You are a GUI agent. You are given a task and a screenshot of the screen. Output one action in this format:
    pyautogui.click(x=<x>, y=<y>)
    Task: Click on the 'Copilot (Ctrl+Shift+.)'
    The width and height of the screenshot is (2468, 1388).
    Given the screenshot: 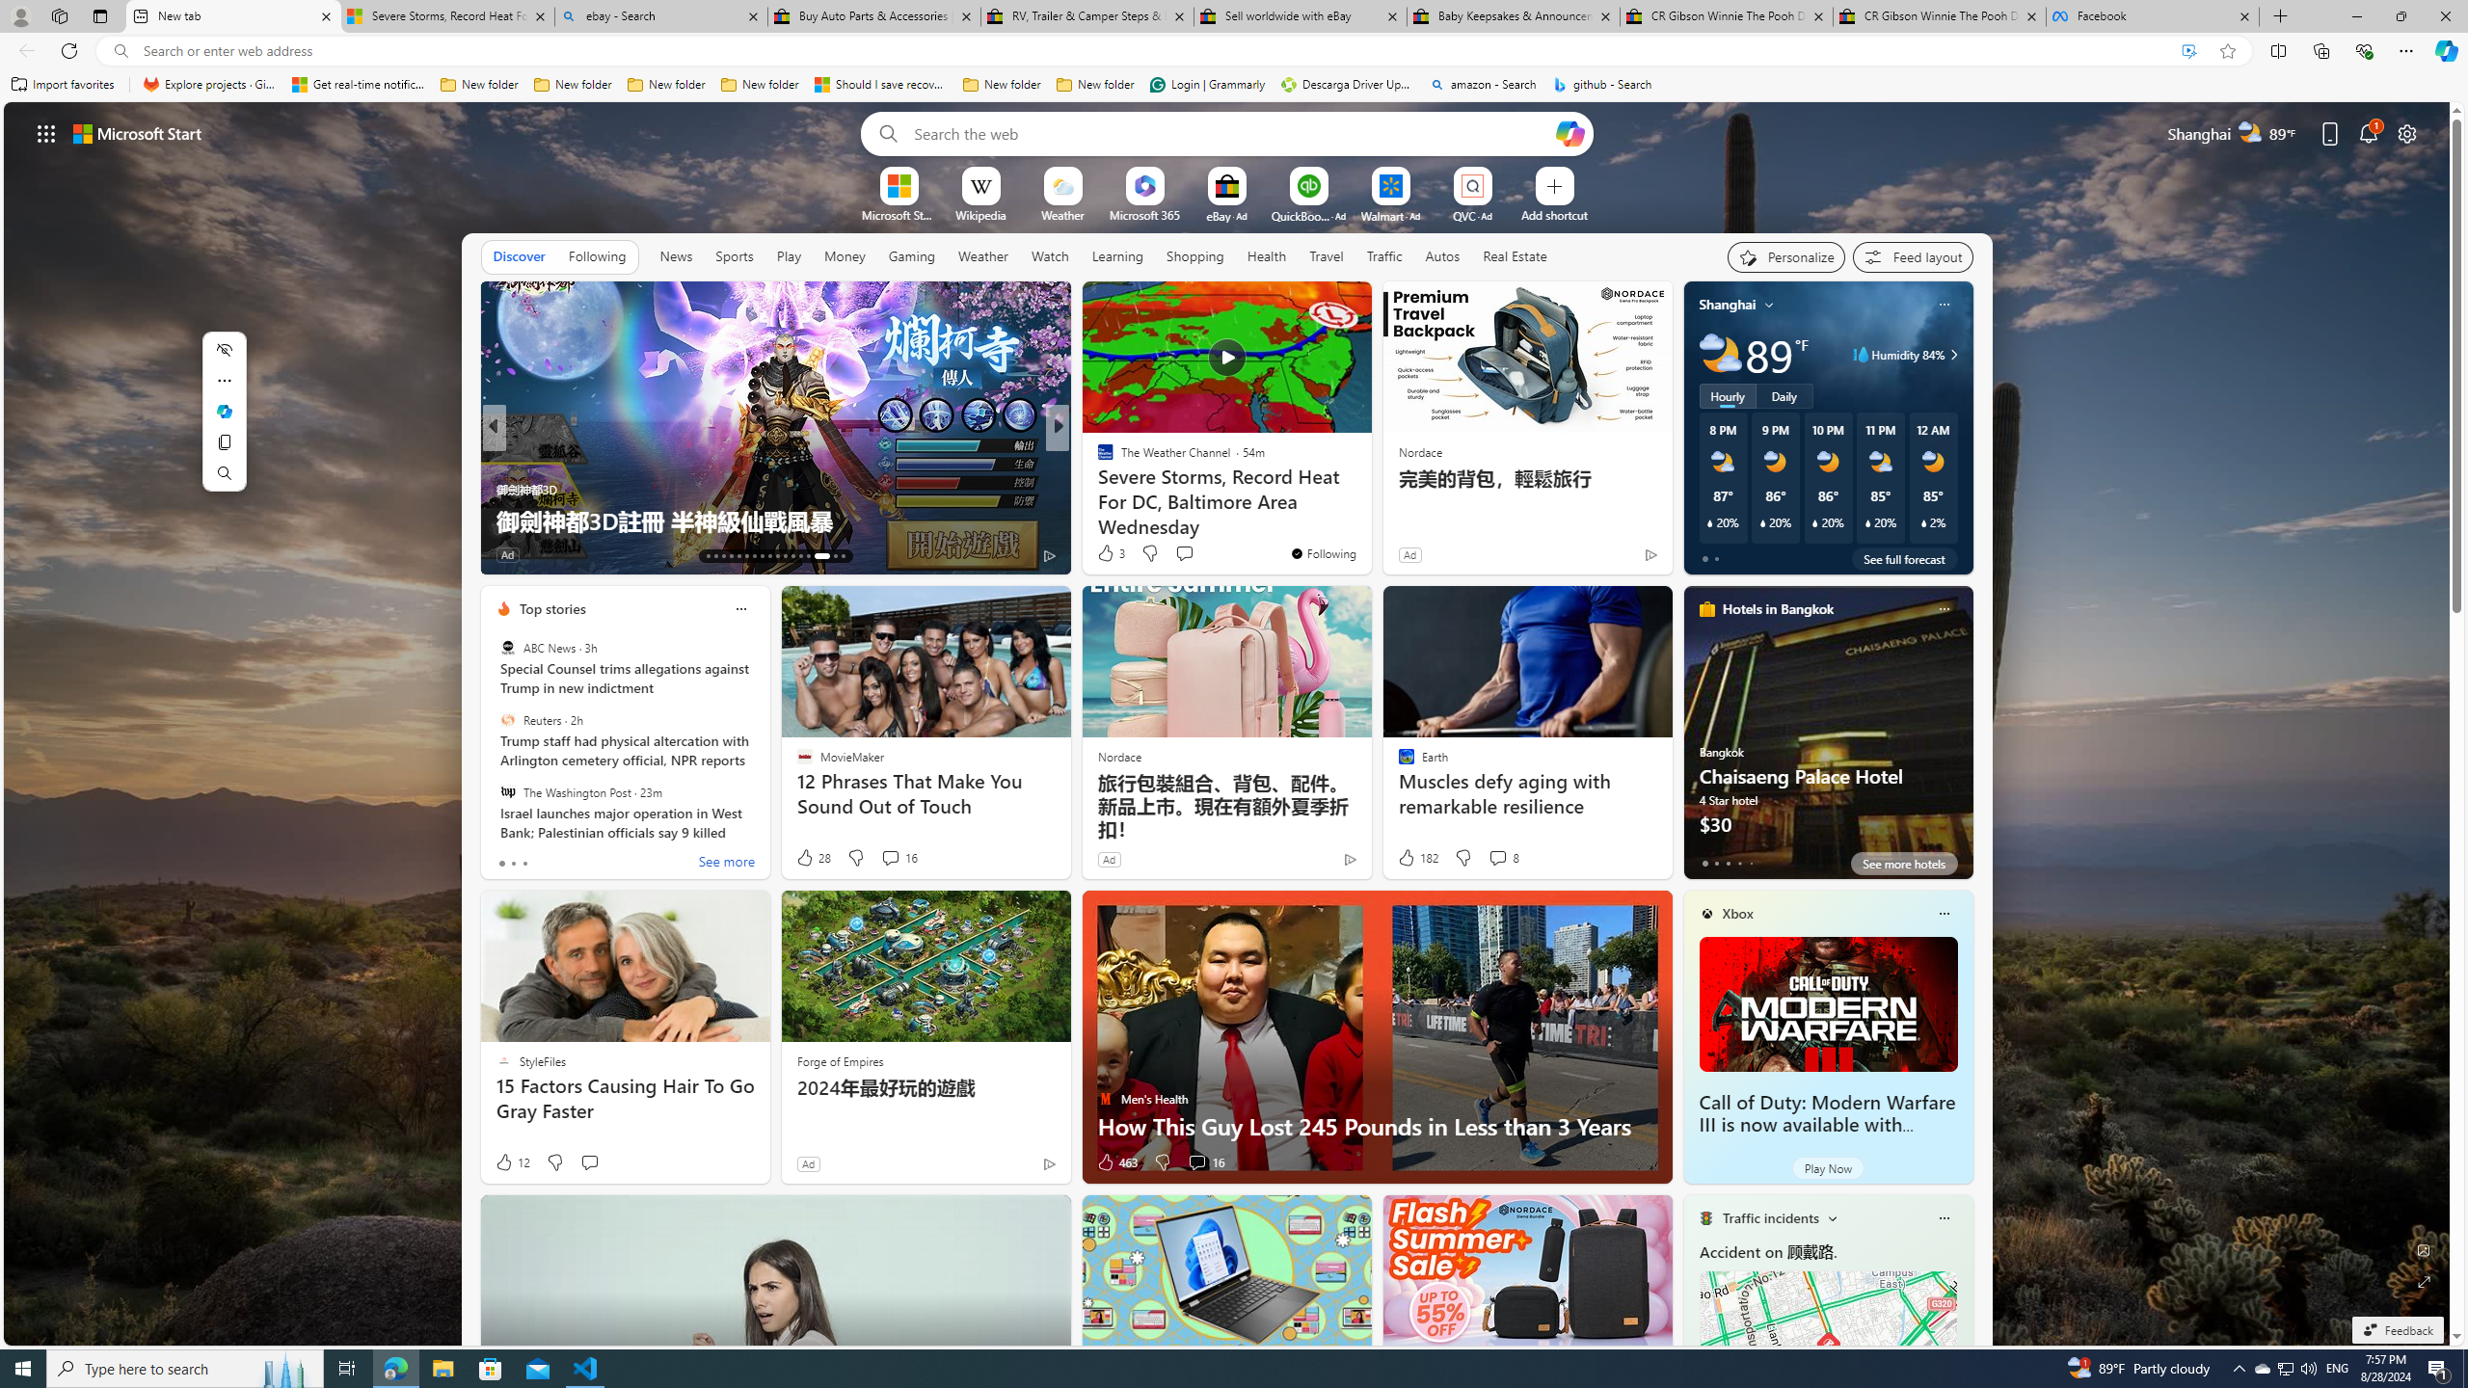 What is the action you would take?
    pyautogui.click(x=2444, y=49)
    